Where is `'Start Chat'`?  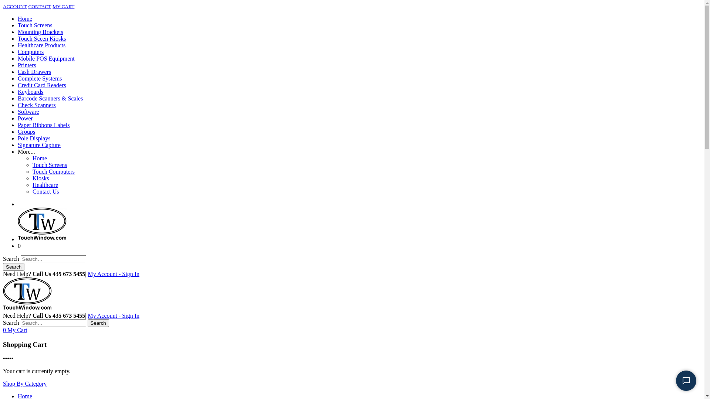
'Start Chat' is located at coordinates (686, 381).